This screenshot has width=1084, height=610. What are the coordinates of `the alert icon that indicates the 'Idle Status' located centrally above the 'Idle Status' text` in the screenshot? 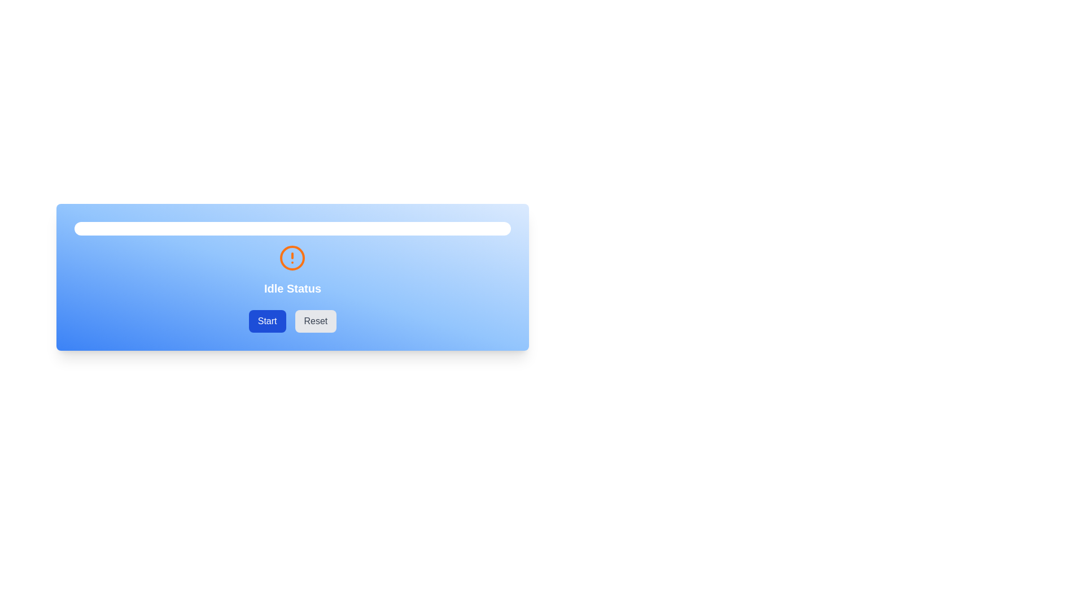 It's located at (292, 258).